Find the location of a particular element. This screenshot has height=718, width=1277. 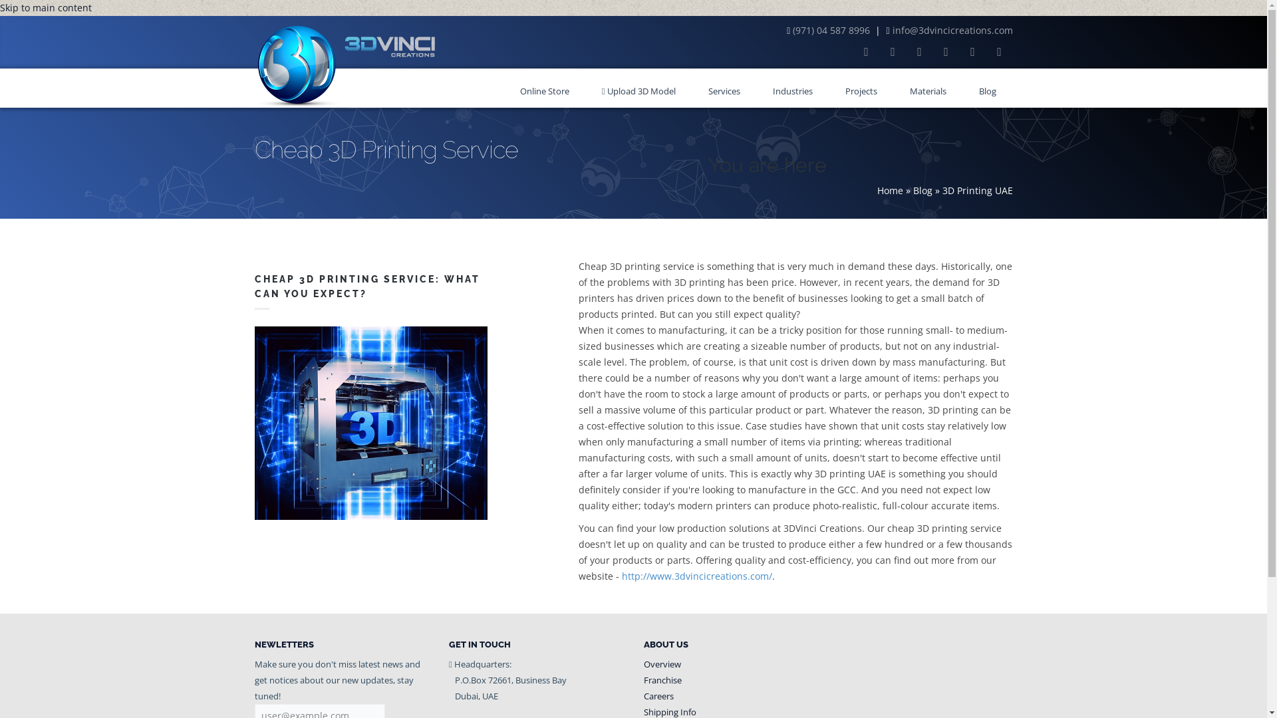

'Overview' is located at coordinates (662, 664).